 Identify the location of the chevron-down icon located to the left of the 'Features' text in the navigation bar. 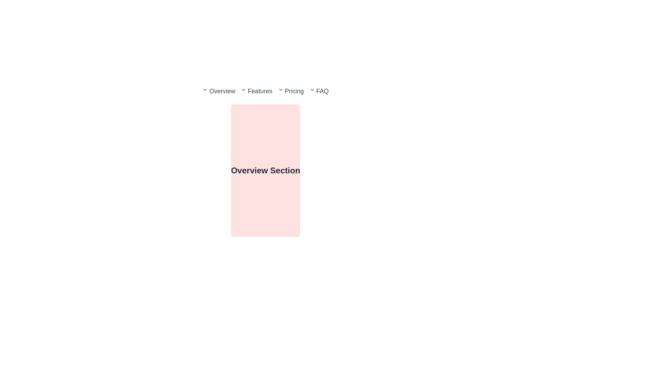
(243, 89).